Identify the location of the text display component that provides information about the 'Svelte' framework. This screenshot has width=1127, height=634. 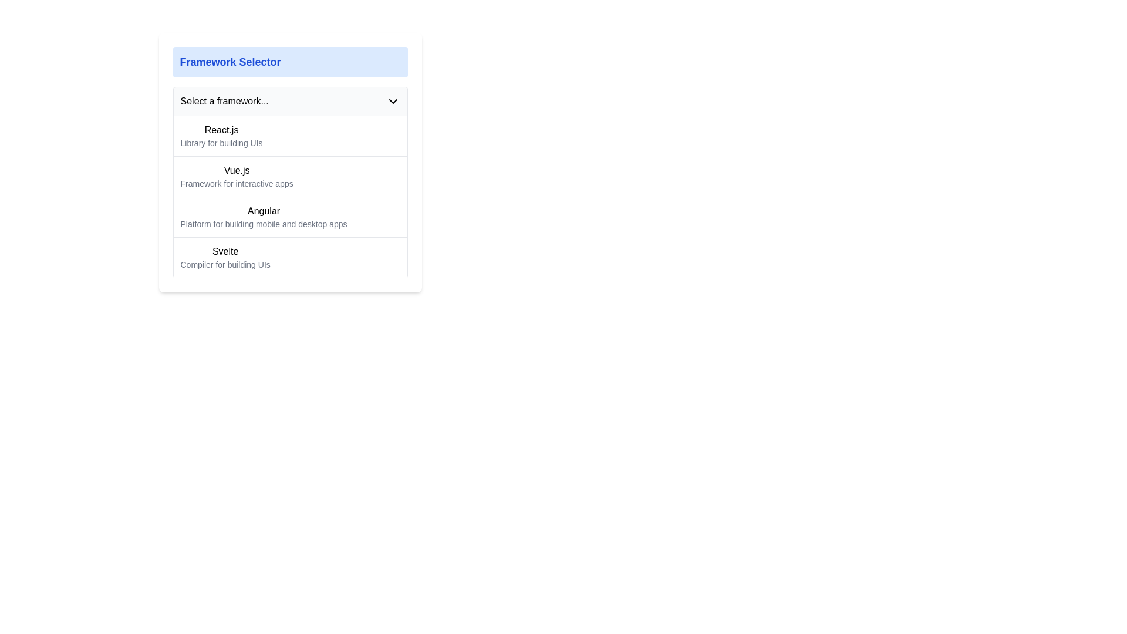
(225, 257).